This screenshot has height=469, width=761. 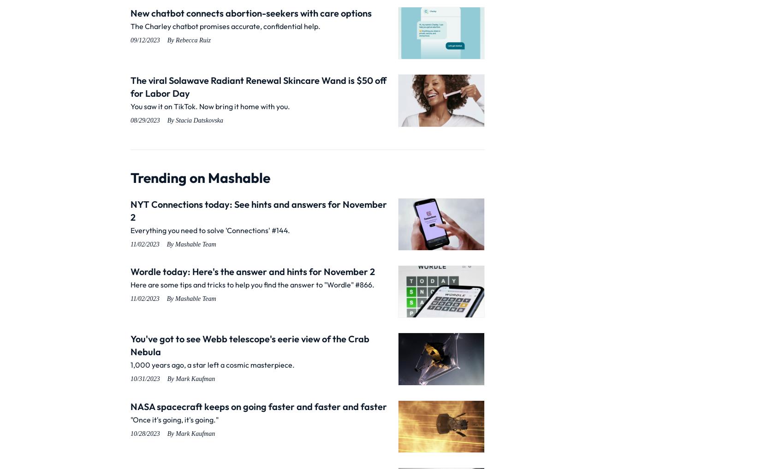 What do you see at coordinates (145, 378) in the screenshot?
I see `'10/31/2023'` at bounding box center [145, 378].